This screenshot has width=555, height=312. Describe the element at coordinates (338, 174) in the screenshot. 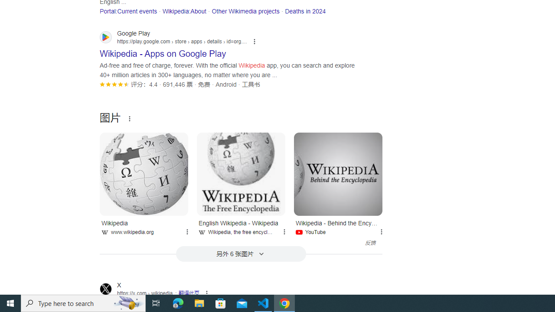

I see `'Wikipedia - Behind the Encyclopedia'` at that location.